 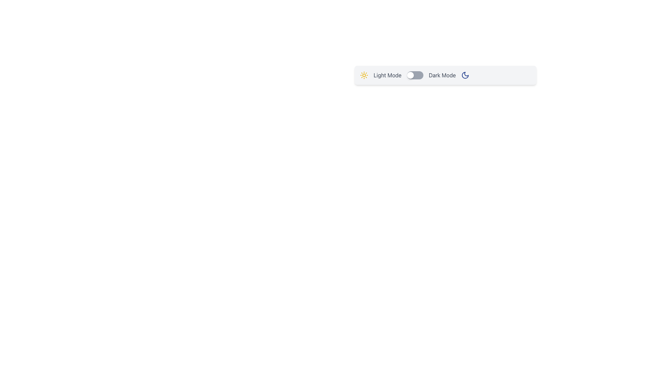 I want to click on the circular toggle knob located on the left side of the horizontal rectangular switch bar to provide visual feedback, so click(x=410, y=75).